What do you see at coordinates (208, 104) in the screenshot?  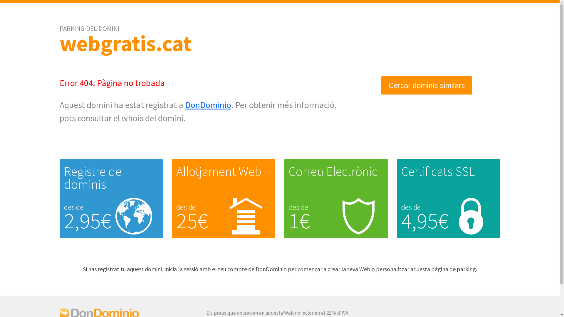 I see `'DonDominio'` at bounding box center [208, 104].